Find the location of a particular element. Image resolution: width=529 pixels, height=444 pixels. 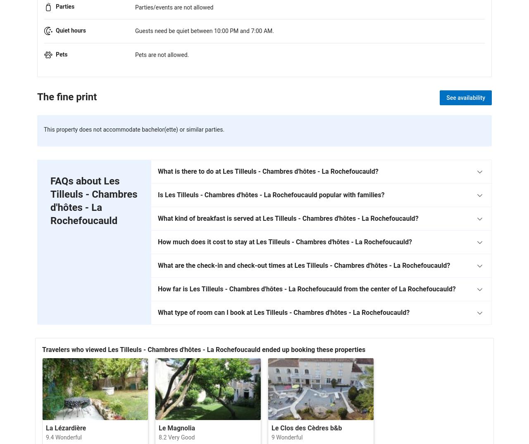

'Le Magnolia' is located at coordinates (176, 427).